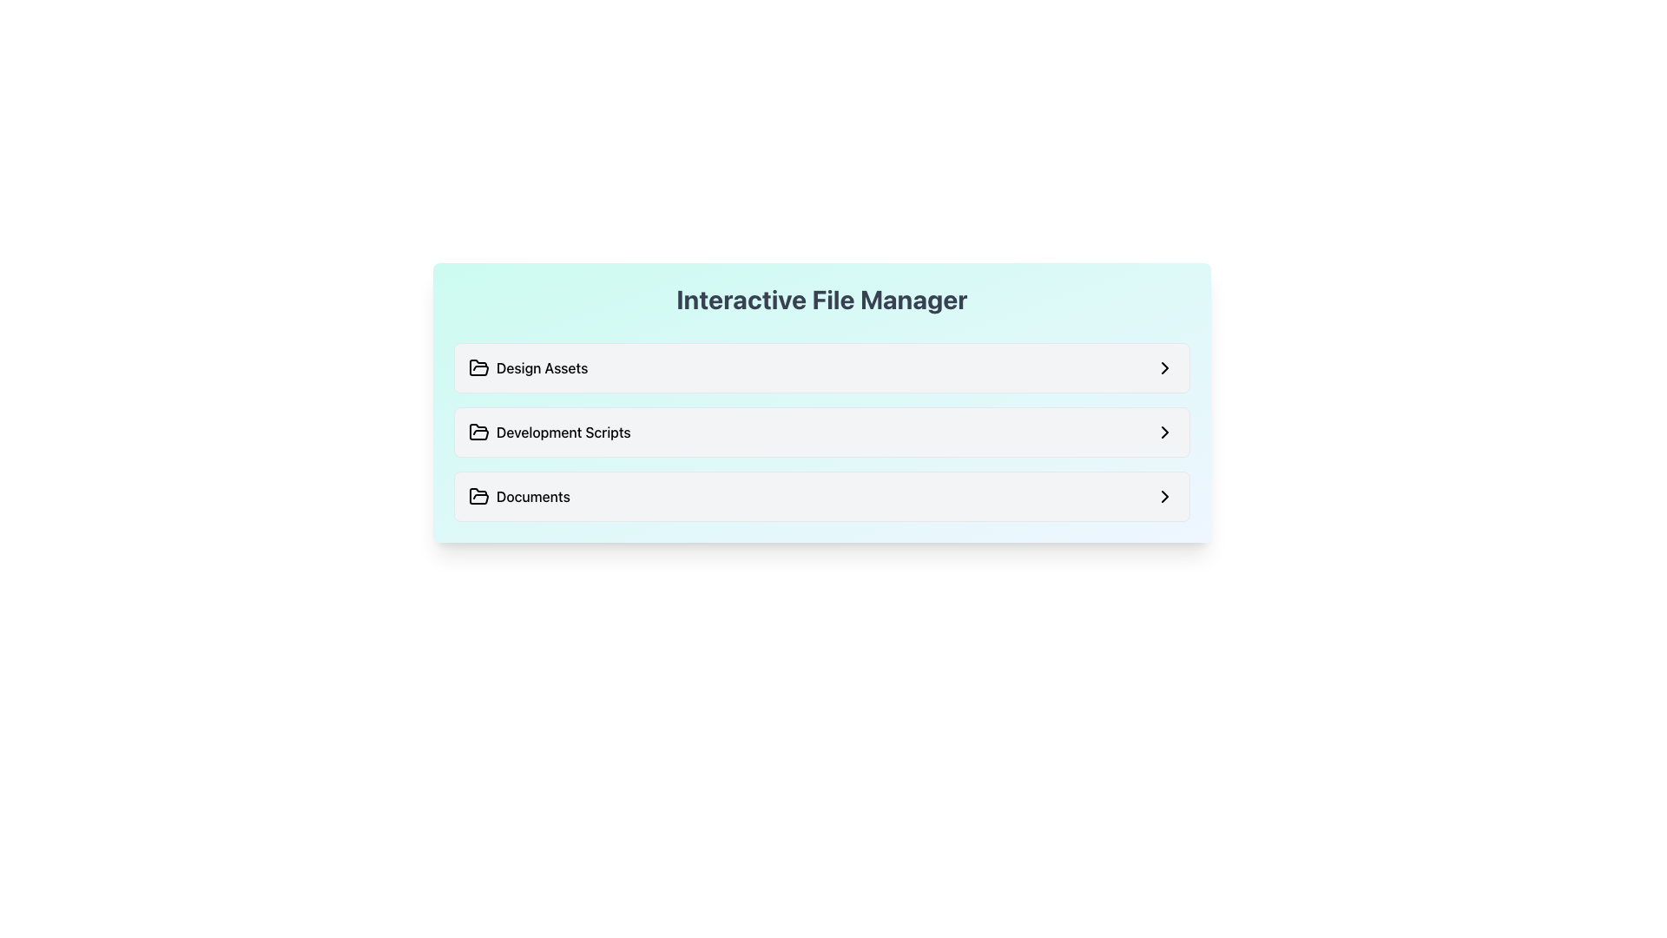 This screenshot has height=938, width=1667. Describe the element at coordinates (820, 431) in the screenshot. I see `the selectable list item labeled 'Development Scripts'` at that location.